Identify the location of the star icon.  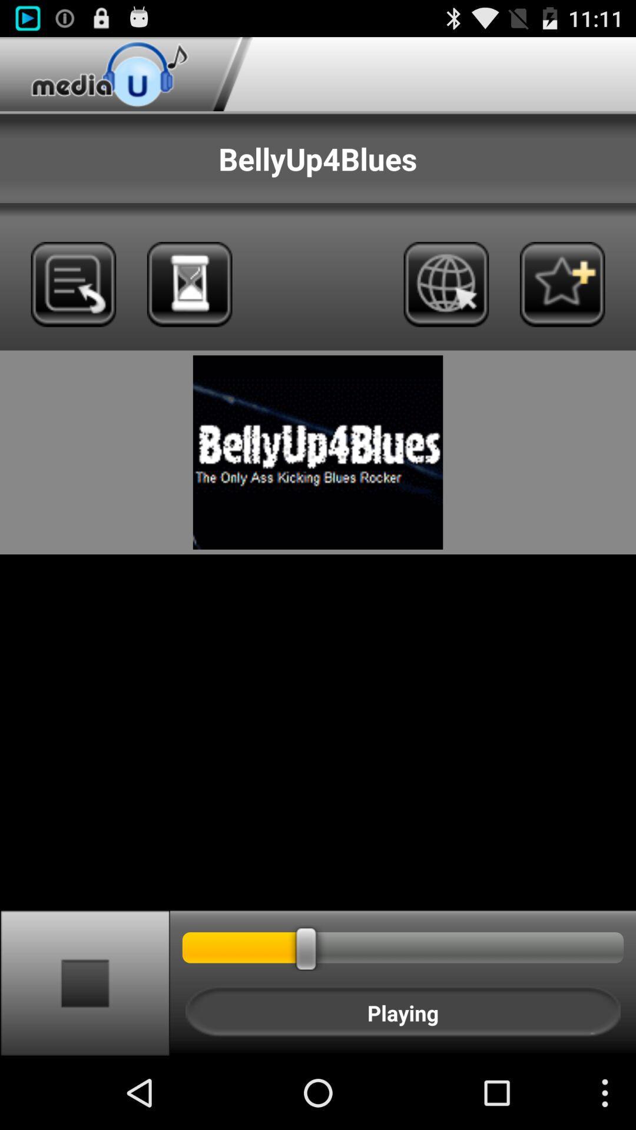
(562, 304).